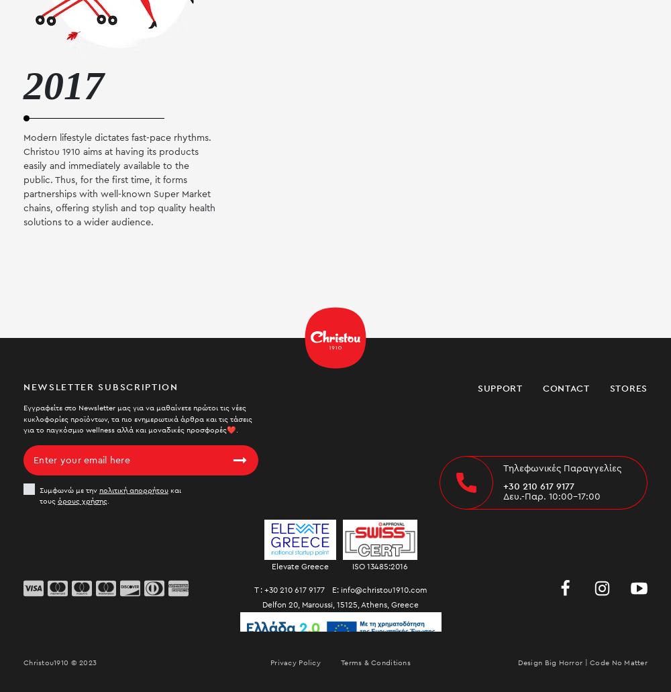 The image size is (671, 692). I want to click on 'Privacy Policy', so click(295, 662).